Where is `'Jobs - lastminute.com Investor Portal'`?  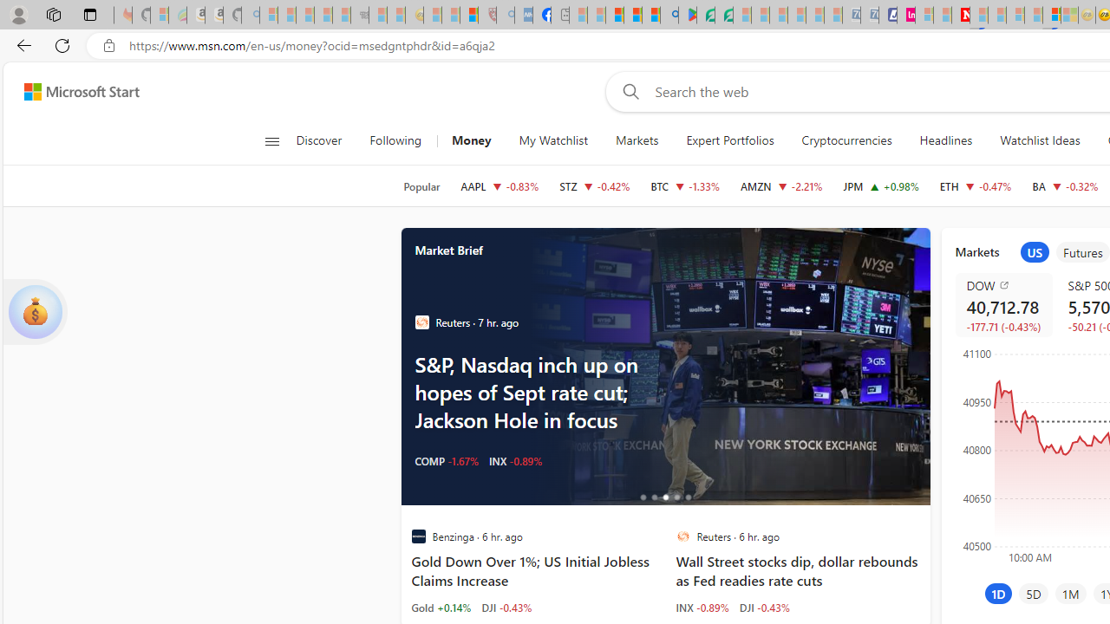
'Jobs - lastminute.com Investor Portal' is located at coordinates (905, 15).